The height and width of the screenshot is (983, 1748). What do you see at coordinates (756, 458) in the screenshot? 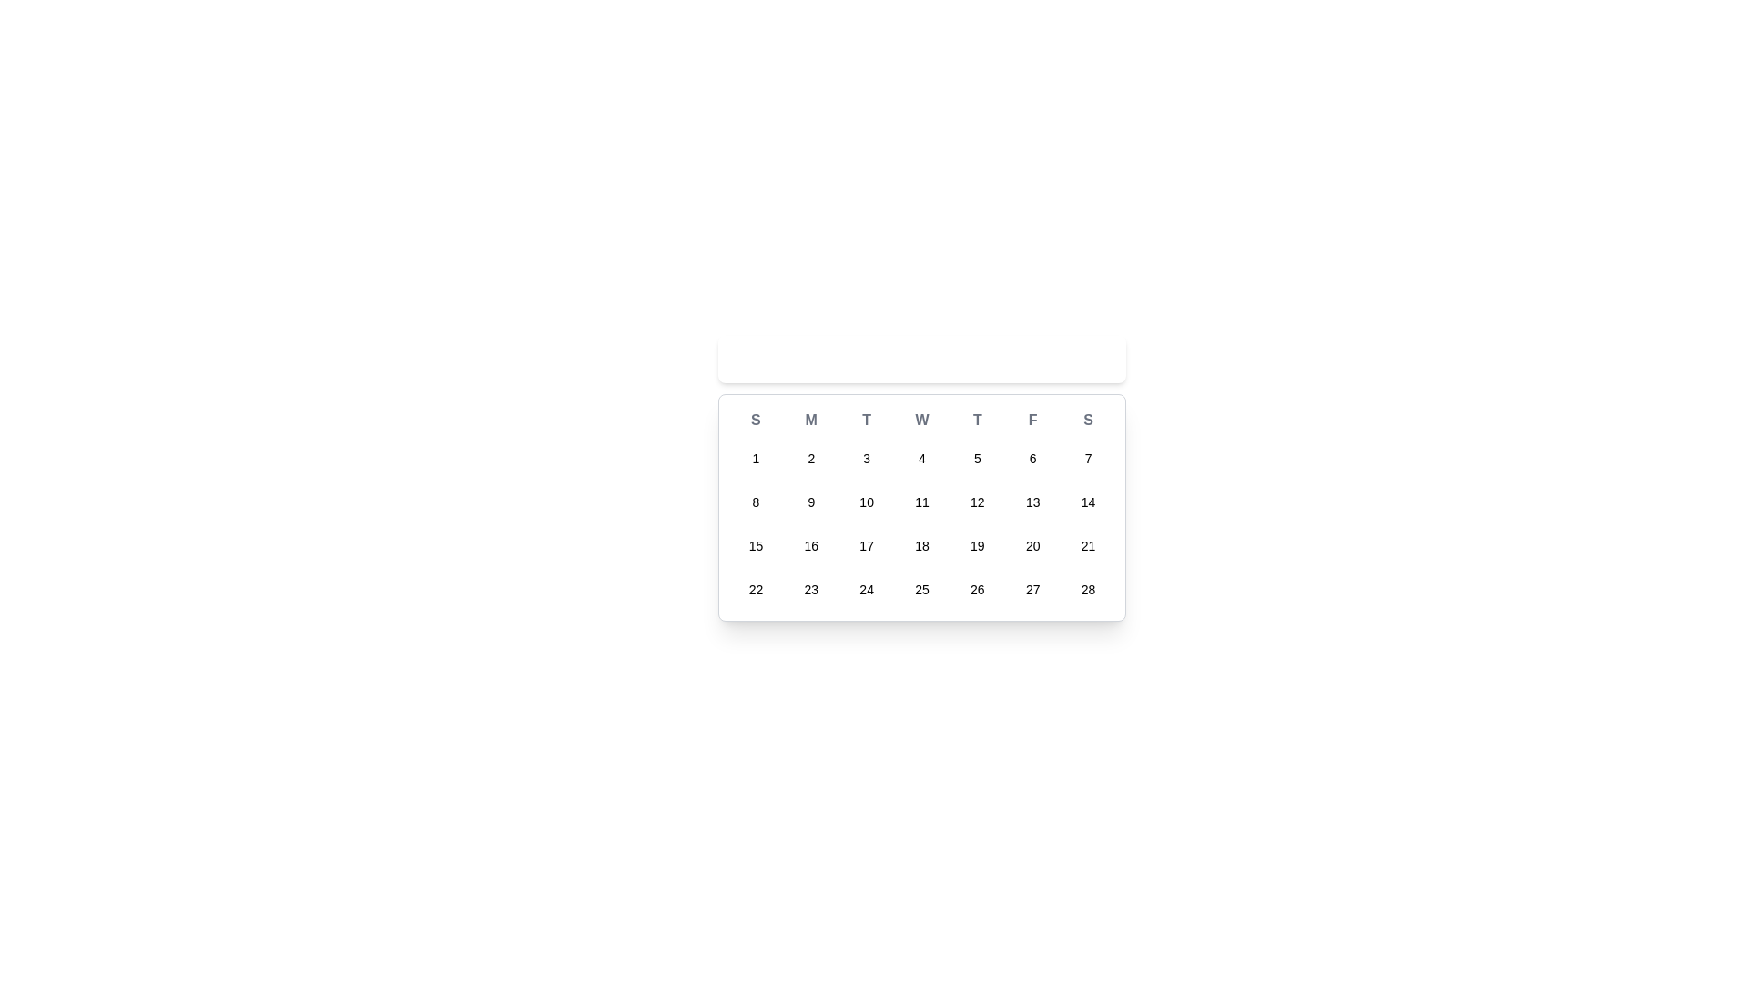
I see `the first day button in the calendar interface` at bounding box center [756, 458].